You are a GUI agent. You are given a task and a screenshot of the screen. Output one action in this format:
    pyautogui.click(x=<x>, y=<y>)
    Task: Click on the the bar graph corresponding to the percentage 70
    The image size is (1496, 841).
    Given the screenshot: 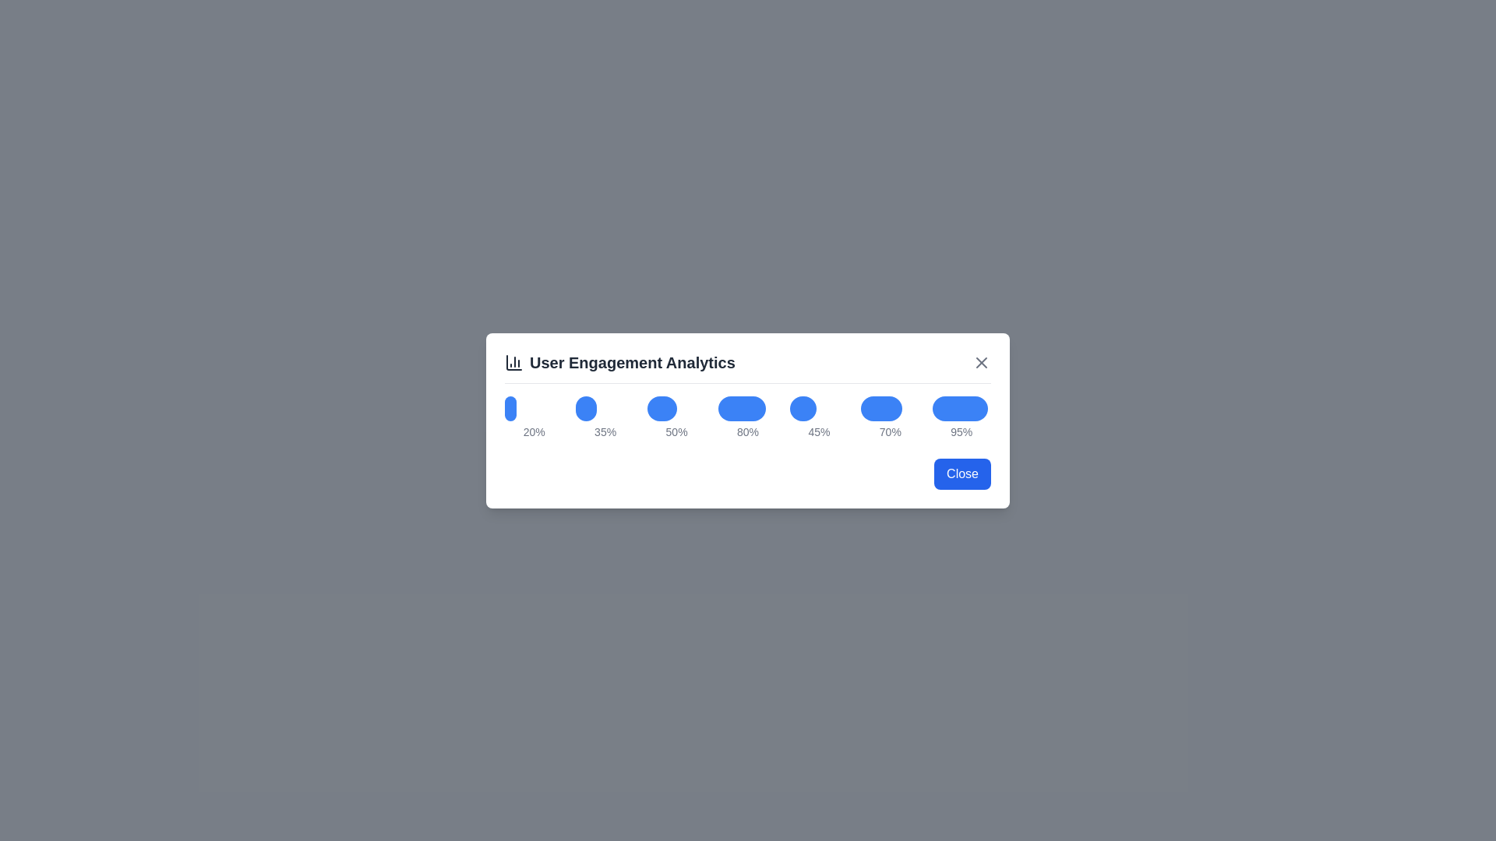 What is the action you would take?
    pyautogui.click(x=881, y=407)
    